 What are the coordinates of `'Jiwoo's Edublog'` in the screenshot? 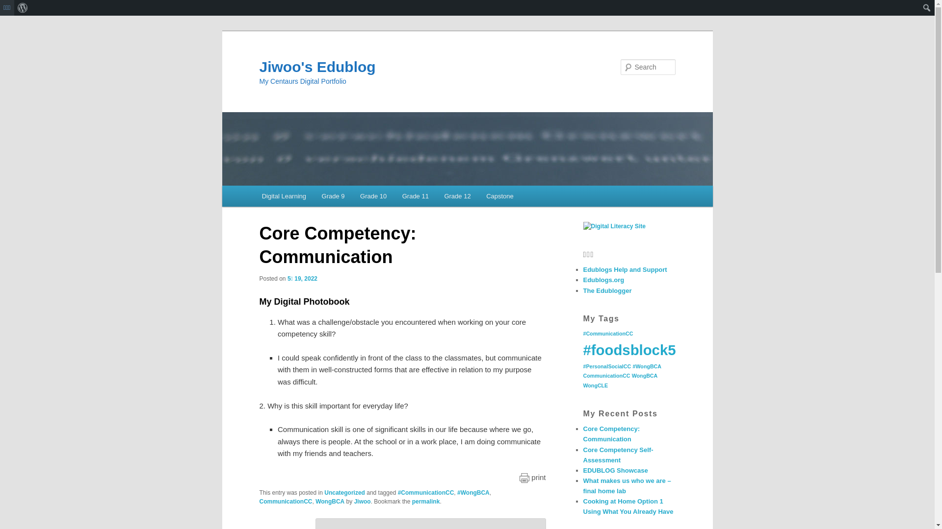 It's located at (317, 66).